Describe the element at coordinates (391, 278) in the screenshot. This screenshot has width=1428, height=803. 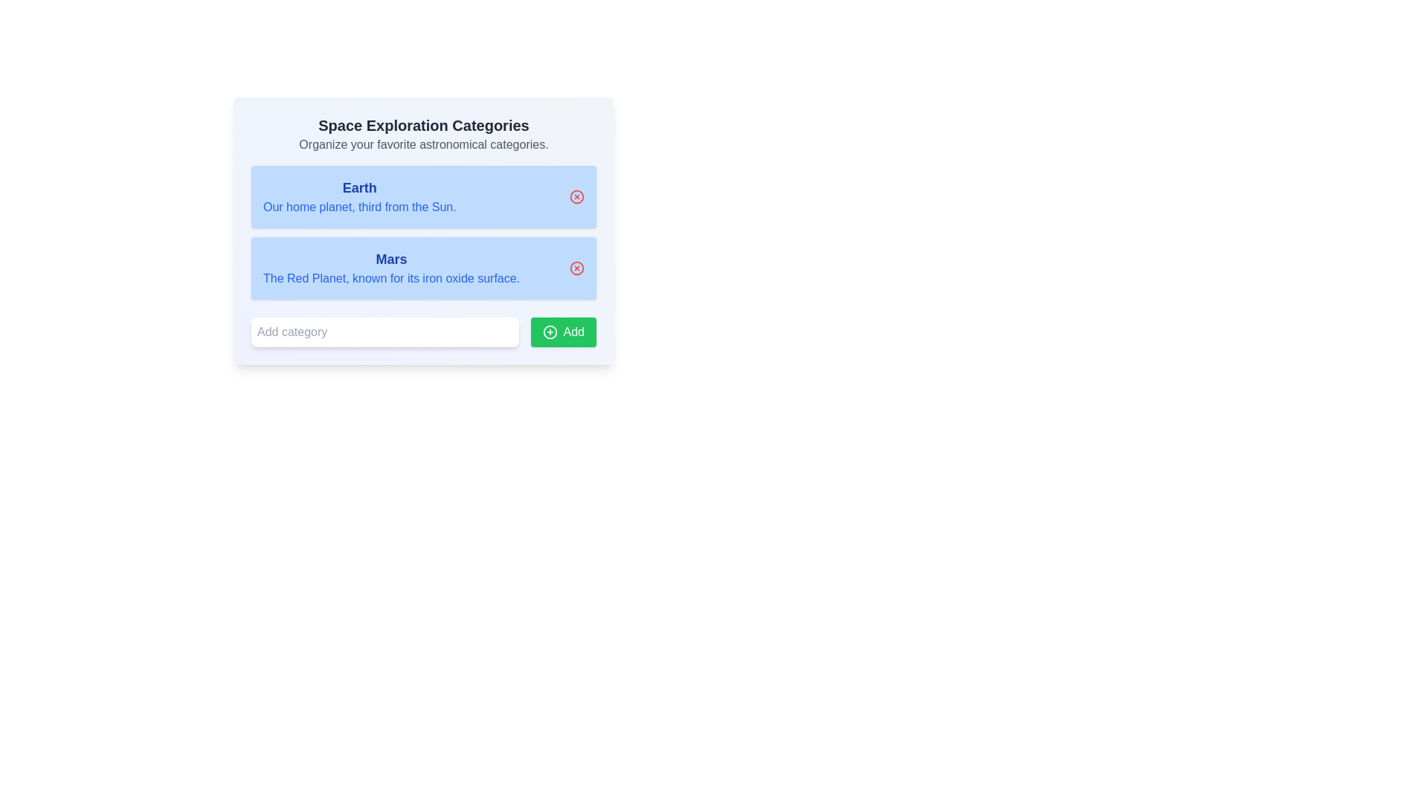
I see `information displayed in the text label styled in blue, which describes 'The Red Planet, known for its iron oxide surface.' positioned below the title 'Mars'` at that location.